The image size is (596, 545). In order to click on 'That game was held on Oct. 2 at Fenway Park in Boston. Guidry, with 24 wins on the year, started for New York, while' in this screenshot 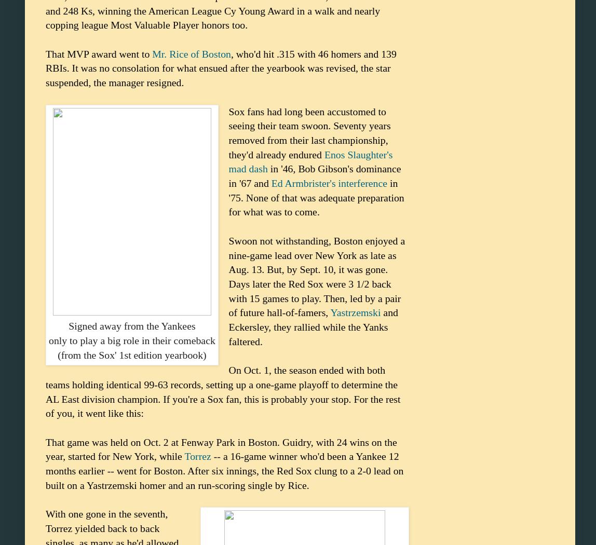, I will do `click(46, 448)`.